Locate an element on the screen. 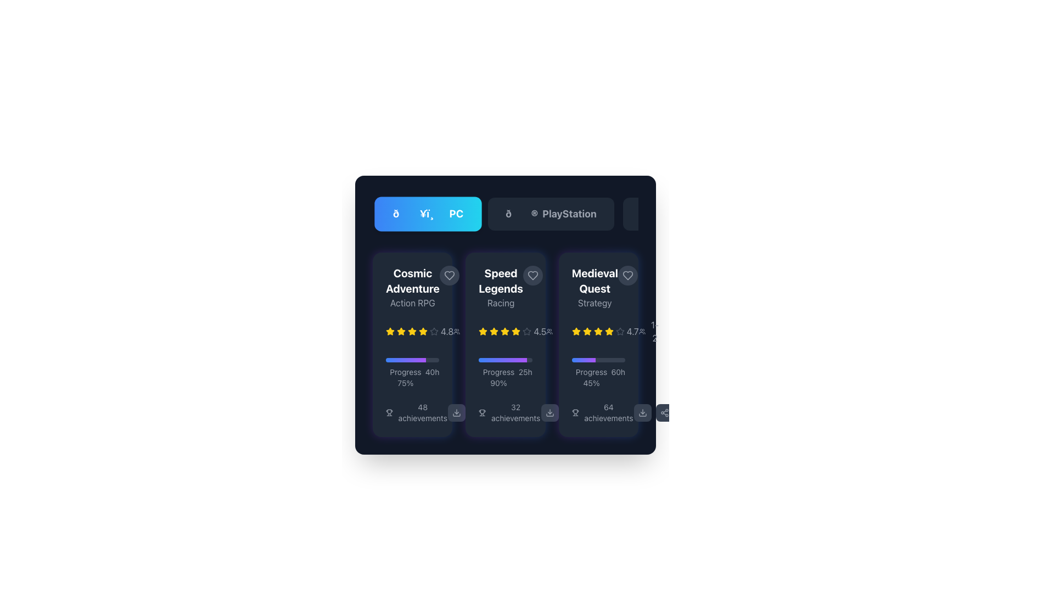  the share icon button located at the bottom-right corner of the interface, adjacent to other interactive icons is located at coordinates (571, 413).